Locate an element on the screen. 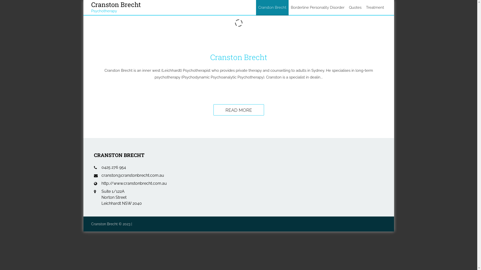  'READ MORE' is located at coordinates (238, 109).